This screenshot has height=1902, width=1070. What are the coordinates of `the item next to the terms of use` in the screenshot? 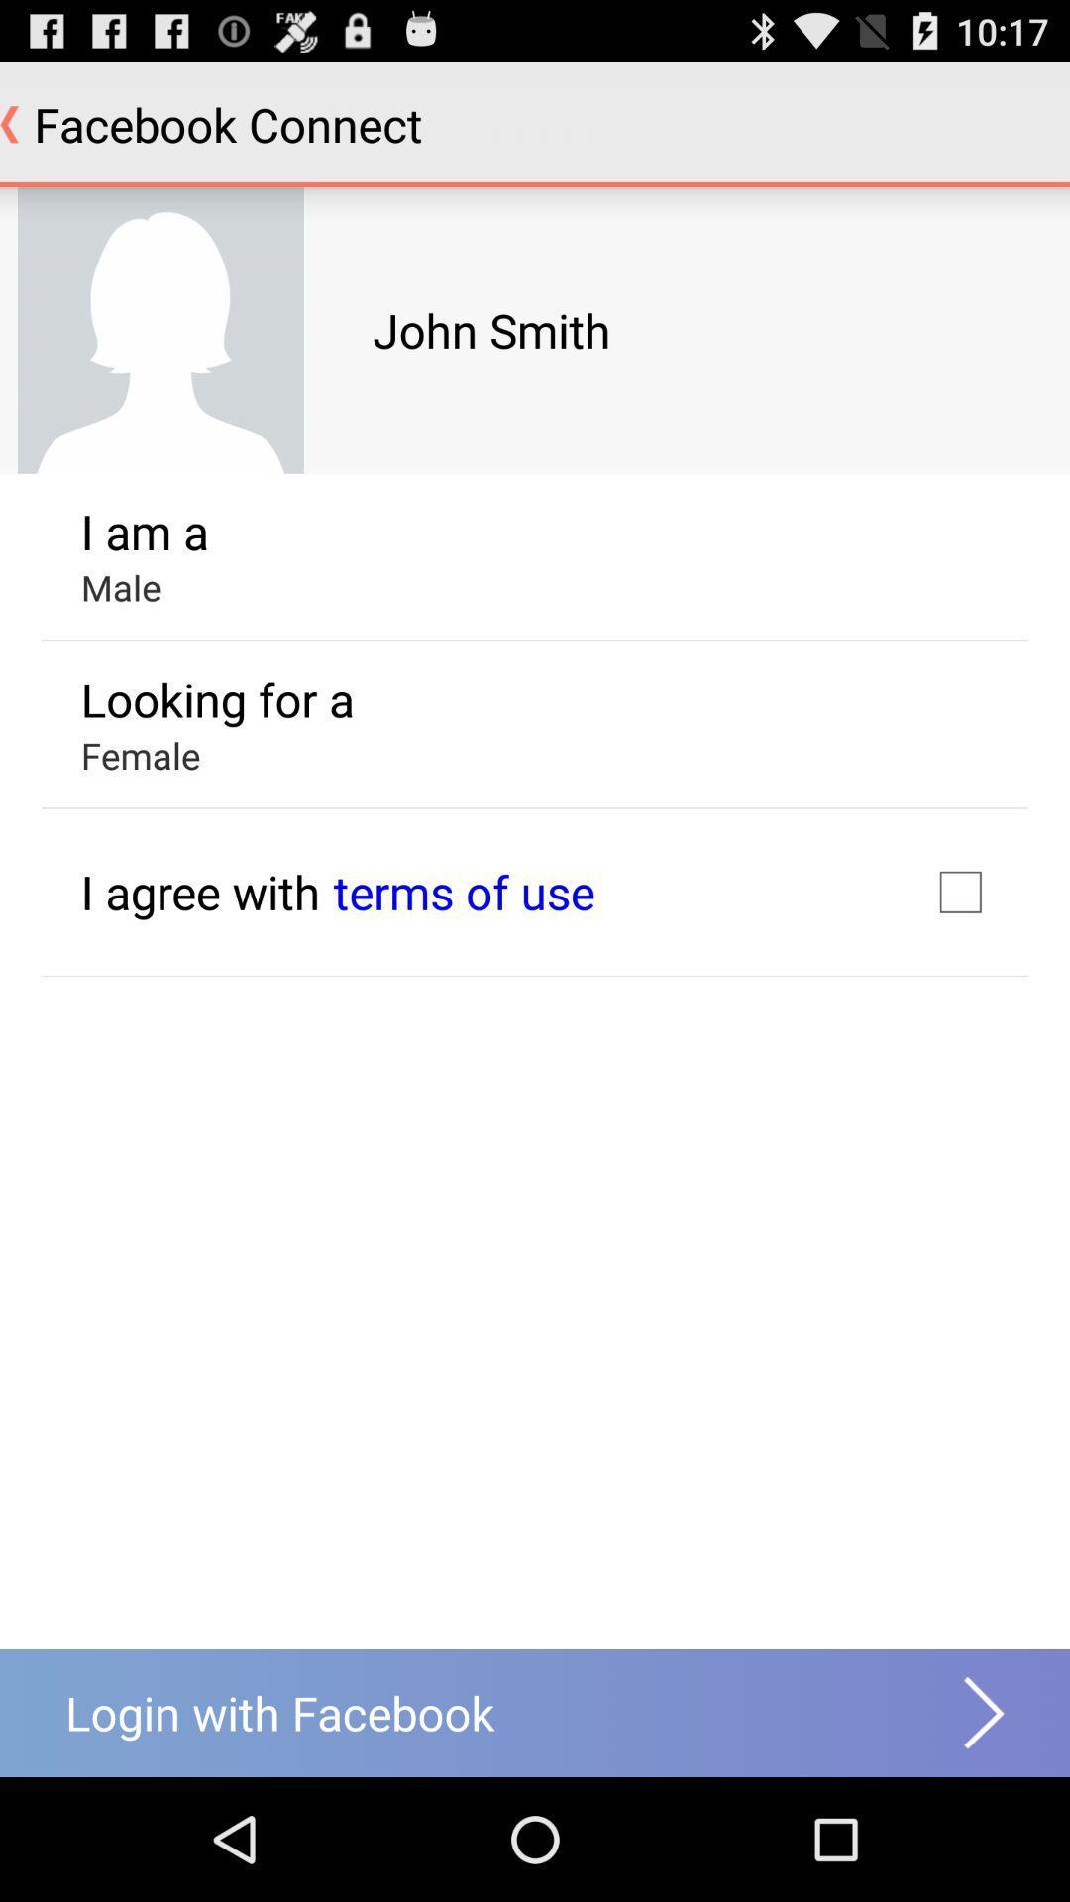 It's located at (200, 891).